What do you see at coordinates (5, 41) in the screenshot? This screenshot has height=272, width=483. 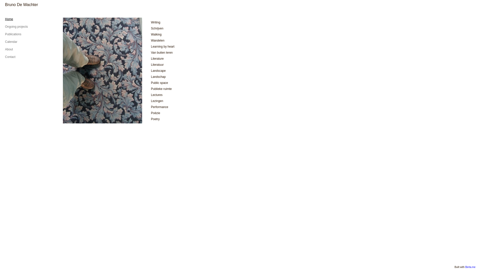 I see `'Calendar'` at bounding box center [5, 41].